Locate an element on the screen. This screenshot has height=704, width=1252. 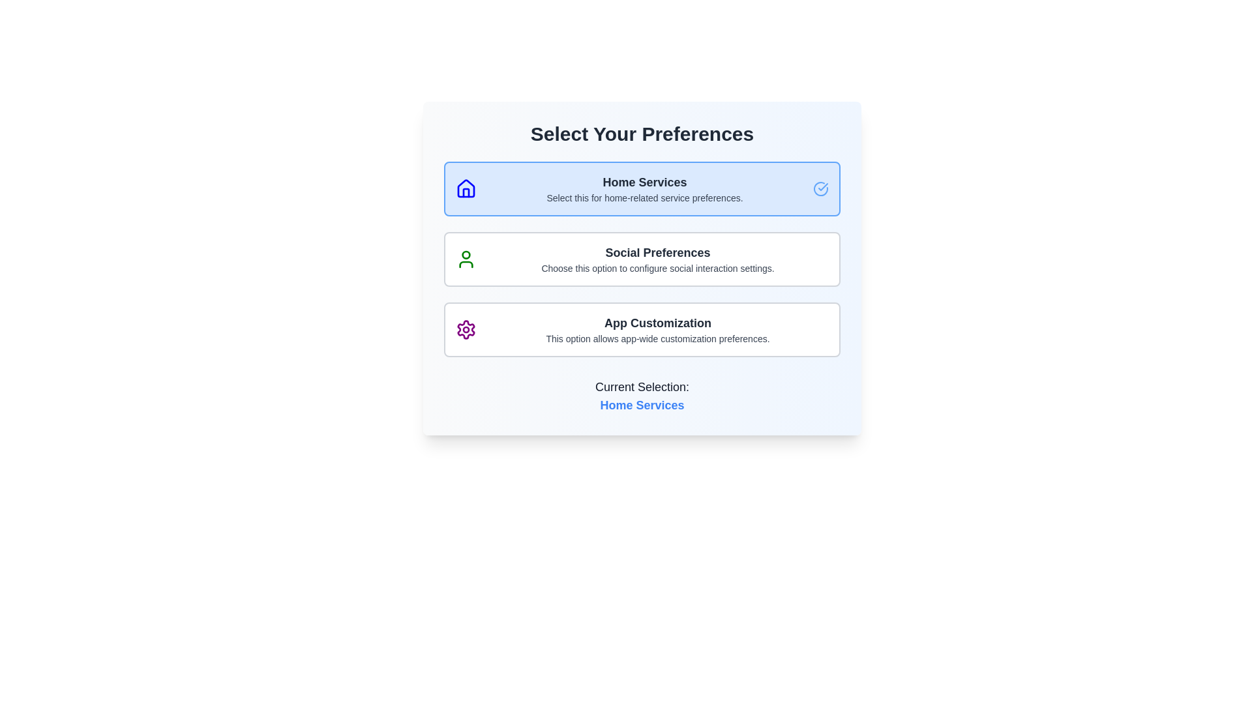
the text heading or label that serves as a section heading within the rounded panel, located at the top and centered horizontally is located at coordinates (642, 134).